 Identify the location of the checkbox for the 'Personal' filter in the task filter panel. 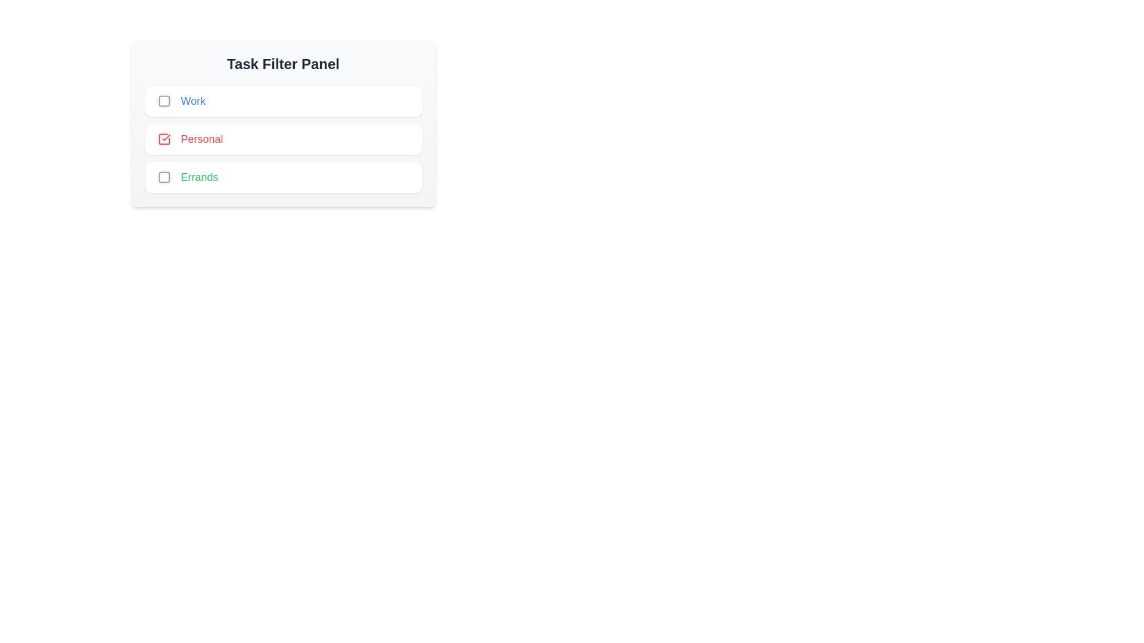
(163, 139).